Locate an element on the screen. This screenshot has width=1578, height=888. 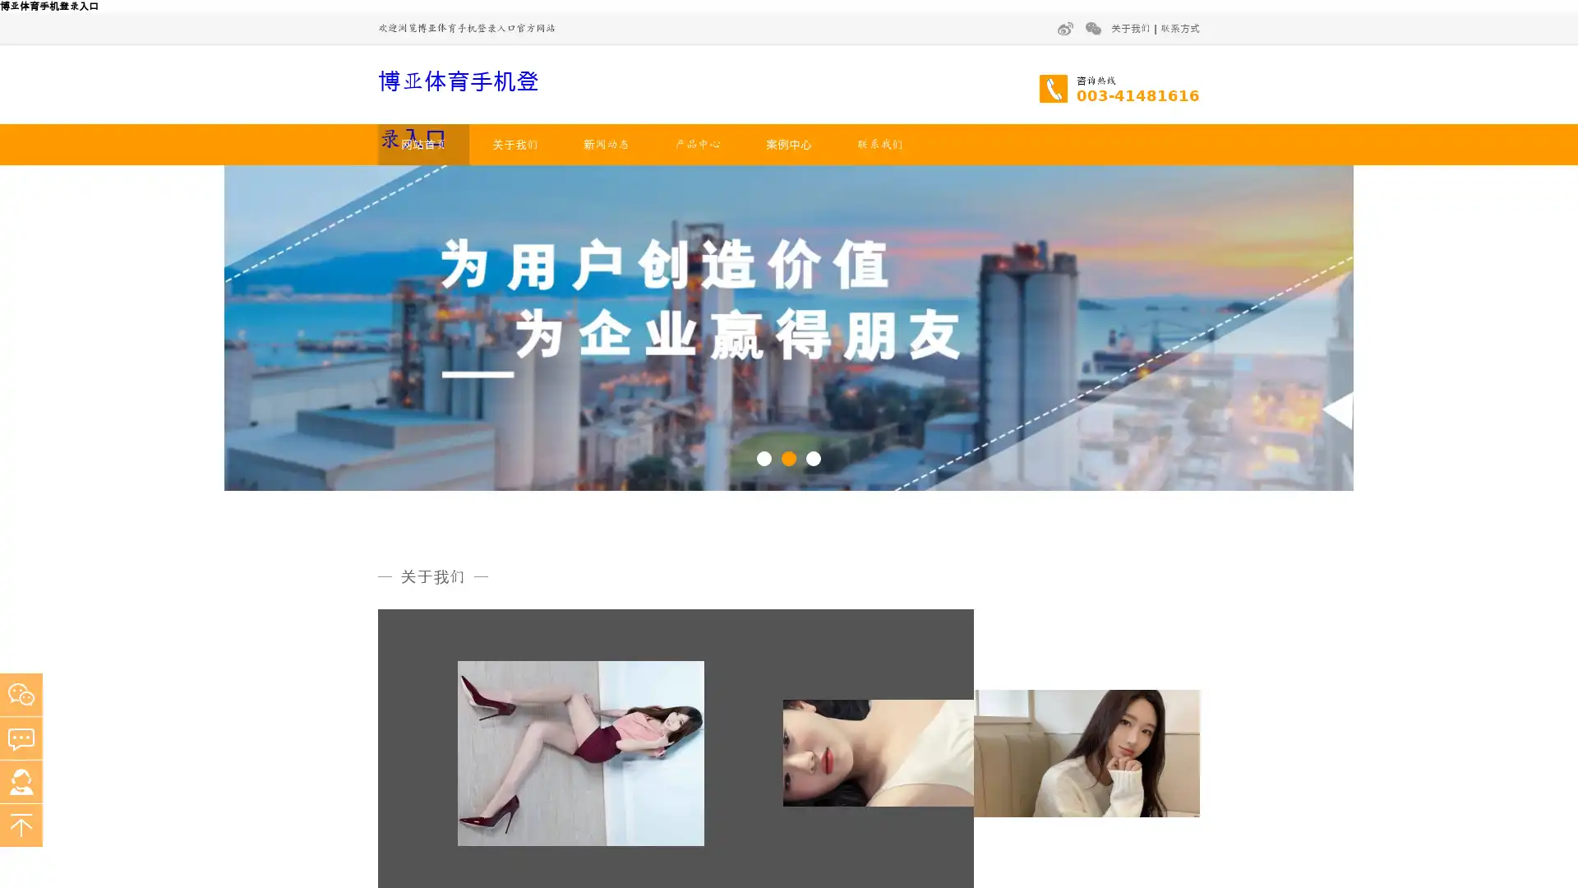
3 is located at coordinates (813, 457).